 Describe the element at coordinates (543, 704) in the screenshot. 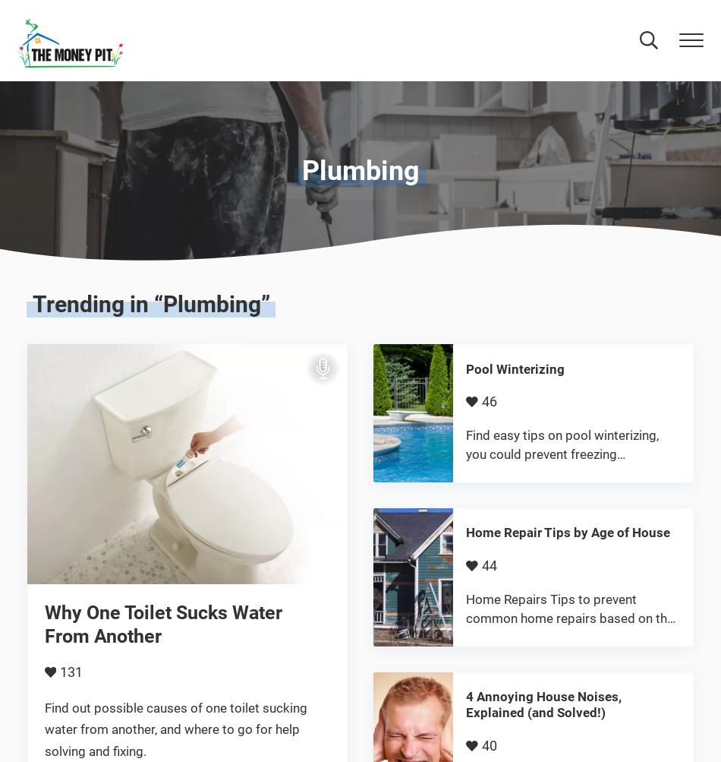

I see `'4 Annoying House Noises, Explained (and Solved!)'` at that location.